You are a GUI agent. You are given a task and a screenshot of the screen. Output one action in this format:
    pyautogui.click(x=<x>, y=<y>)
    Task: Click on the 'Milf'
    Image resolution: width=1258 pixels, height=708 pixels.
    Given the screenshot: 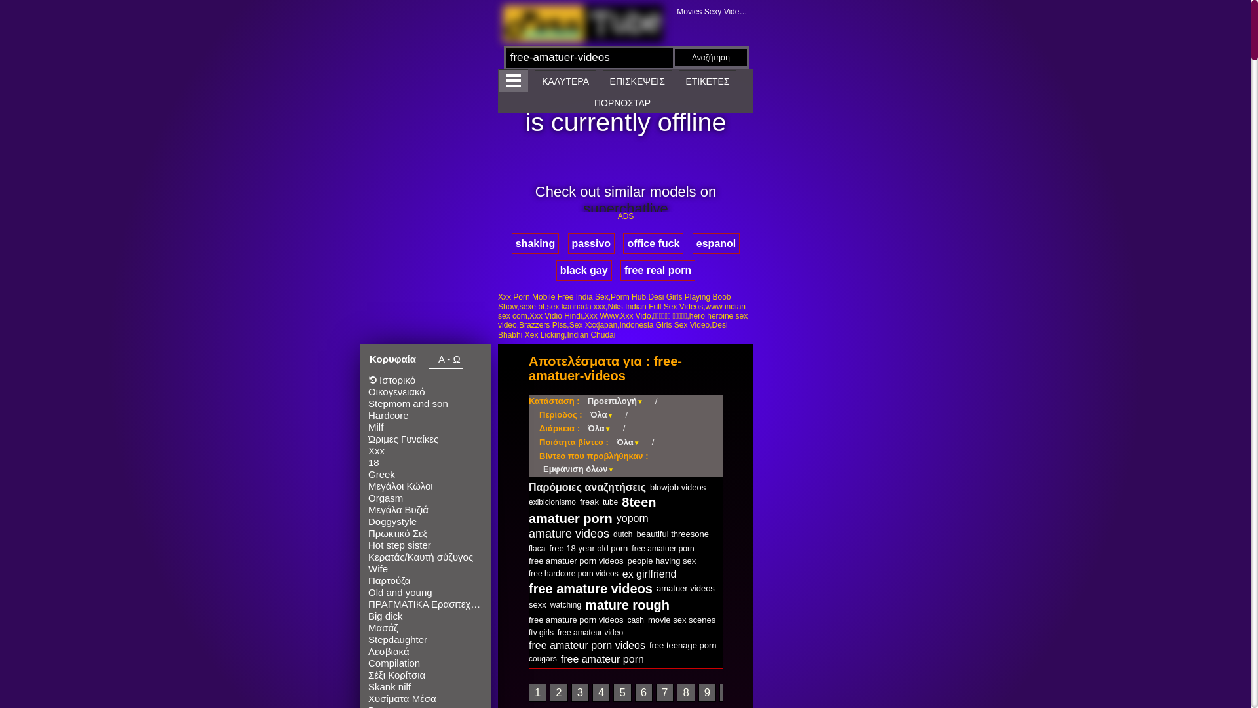 What is the action you would take?
    pyautogui.click(x=425, y=427)
    